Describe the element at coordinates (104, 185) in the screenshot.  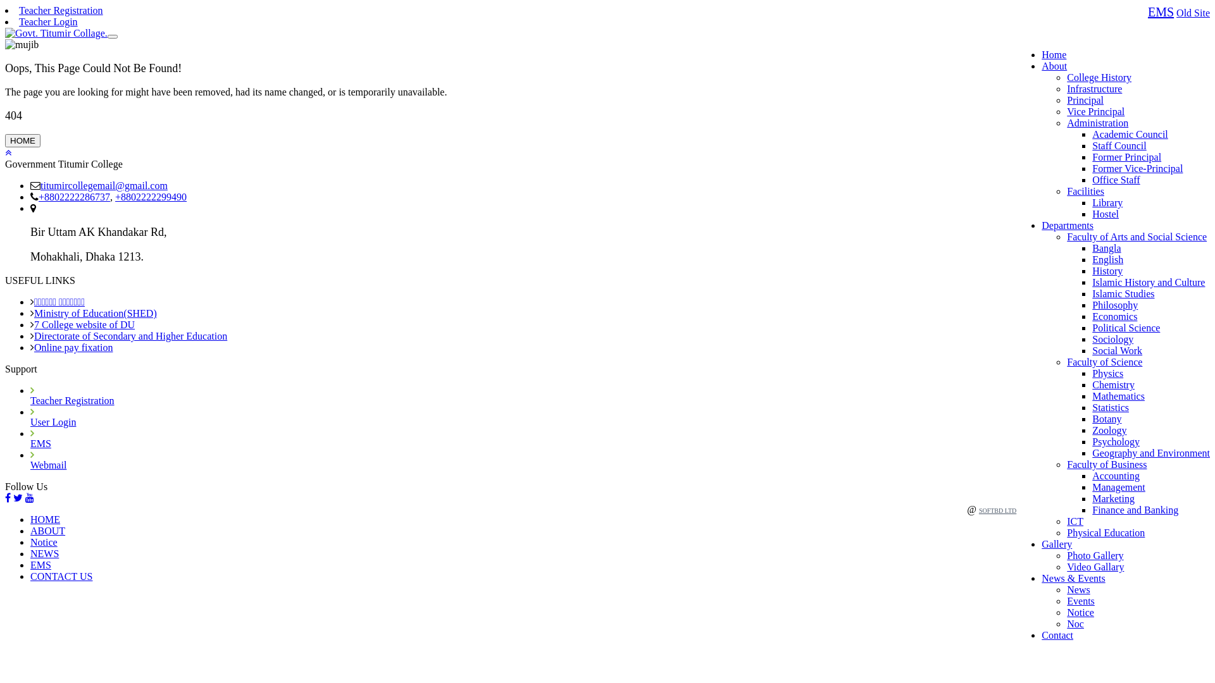
I see `'titumircollegemail@gmail.com'` at that location.